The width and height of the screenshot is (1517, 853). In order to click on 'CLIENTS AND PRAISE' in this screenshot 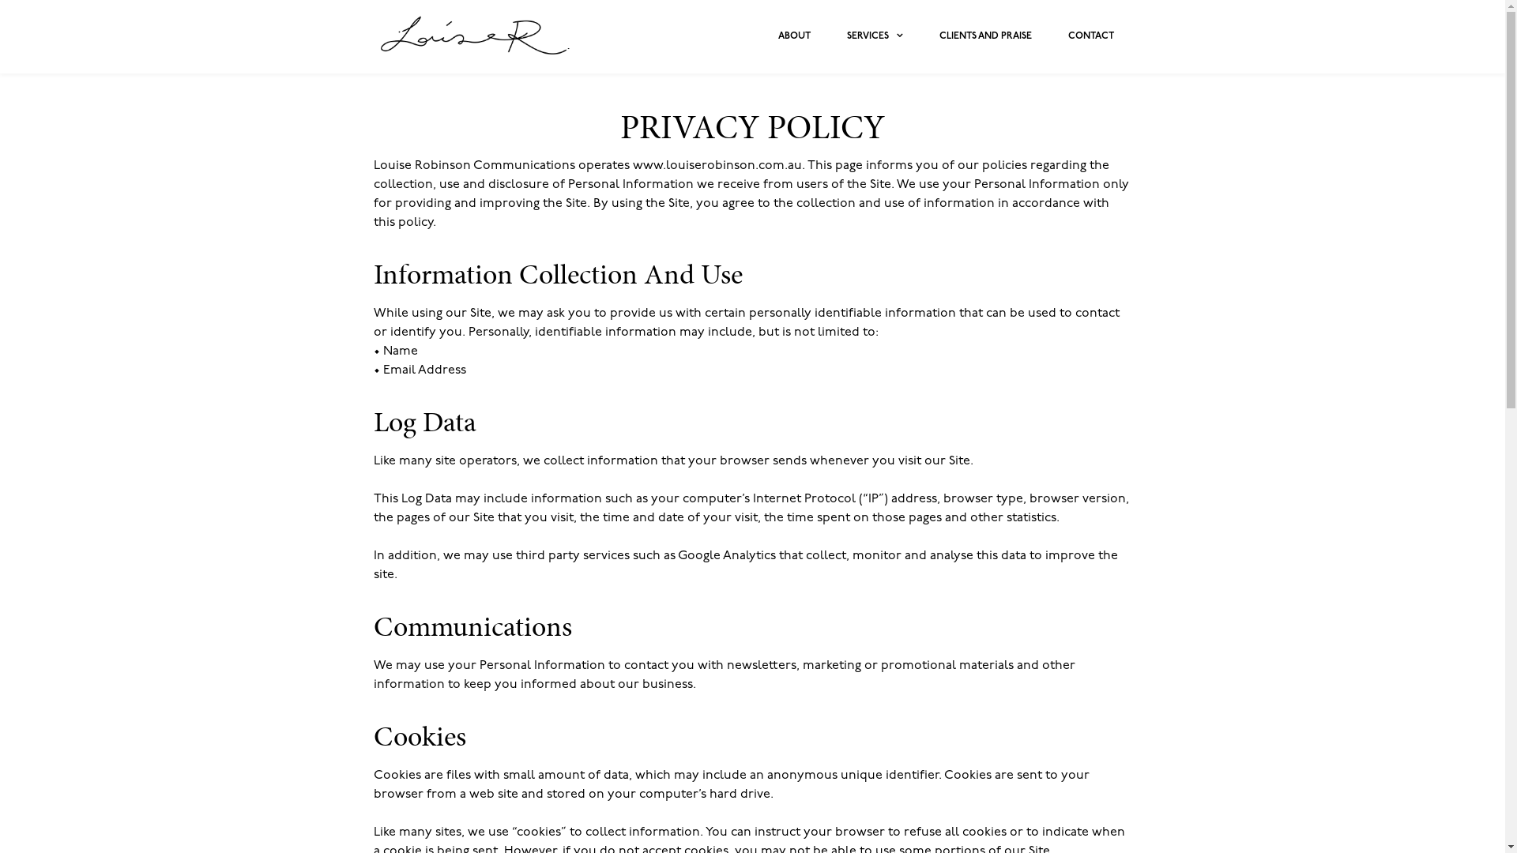, I will do `click(984, 36)`.